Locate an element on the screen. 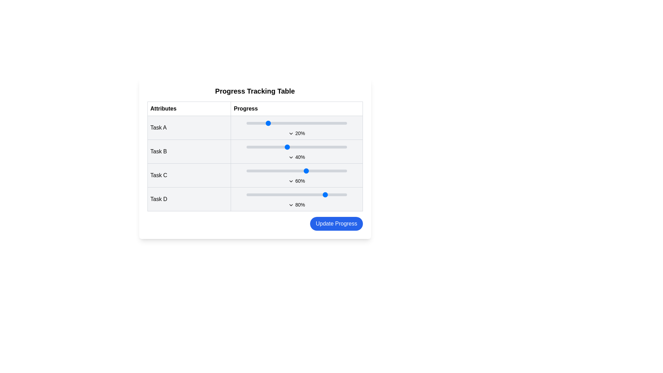  progress is located at coordinates (290, 146).